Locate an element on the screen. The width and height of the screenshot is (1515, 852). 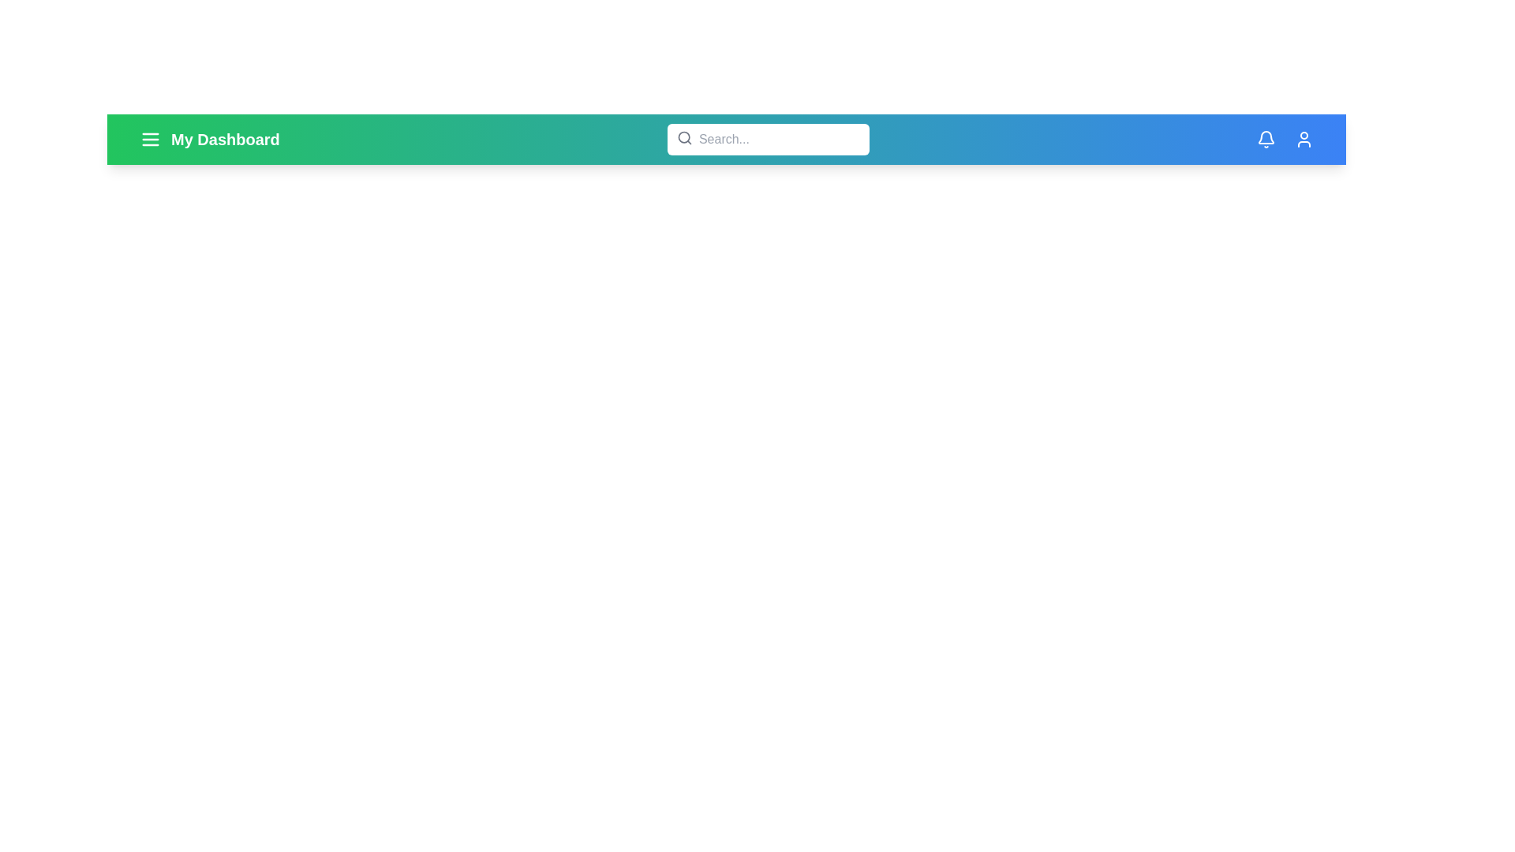
the bell icon to access notifications is located at coordinates (1266, 139).